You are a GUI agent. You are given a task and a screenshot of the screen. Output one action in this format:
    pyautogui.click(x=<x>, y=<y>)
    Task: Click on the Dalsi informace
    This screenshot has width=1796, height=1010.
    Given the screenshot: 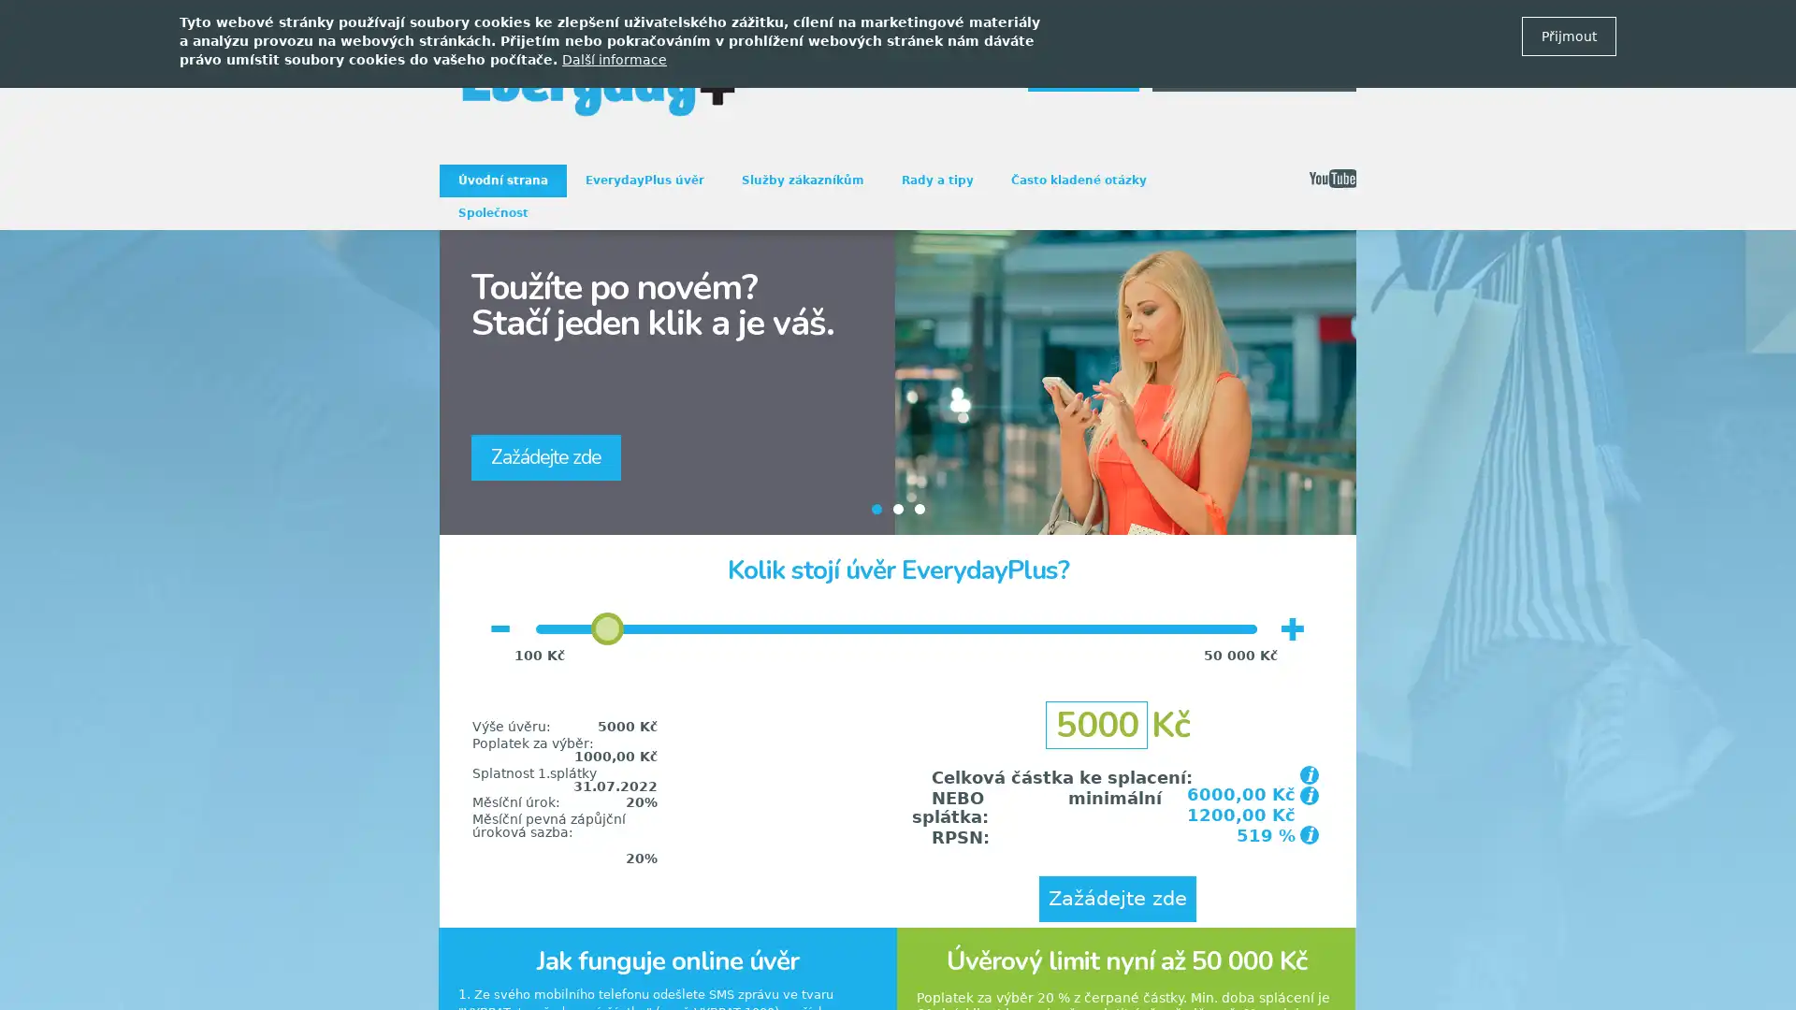 What is the action you would take?
    pyautogui.click(x=615, y=59)
    